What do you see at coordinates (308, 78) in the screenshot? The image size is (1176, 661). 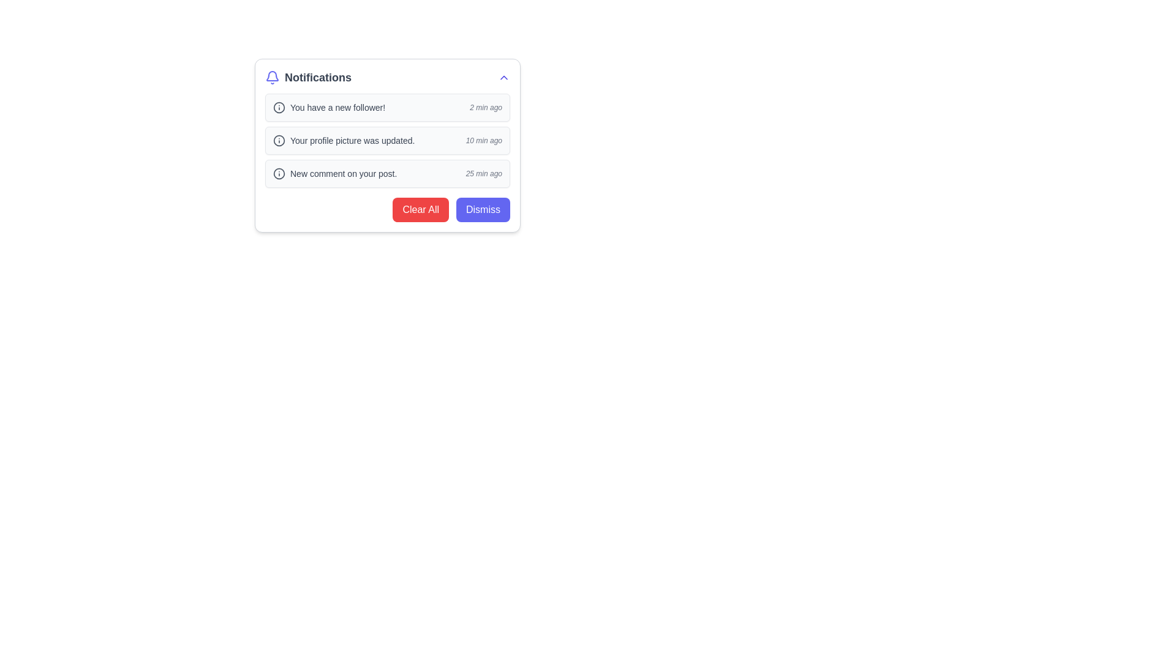 I see `the 'Notifications' label with a bell icon styled in indigo color, located near the top-left corner of the notifications section` at bounding box center [308, 78].